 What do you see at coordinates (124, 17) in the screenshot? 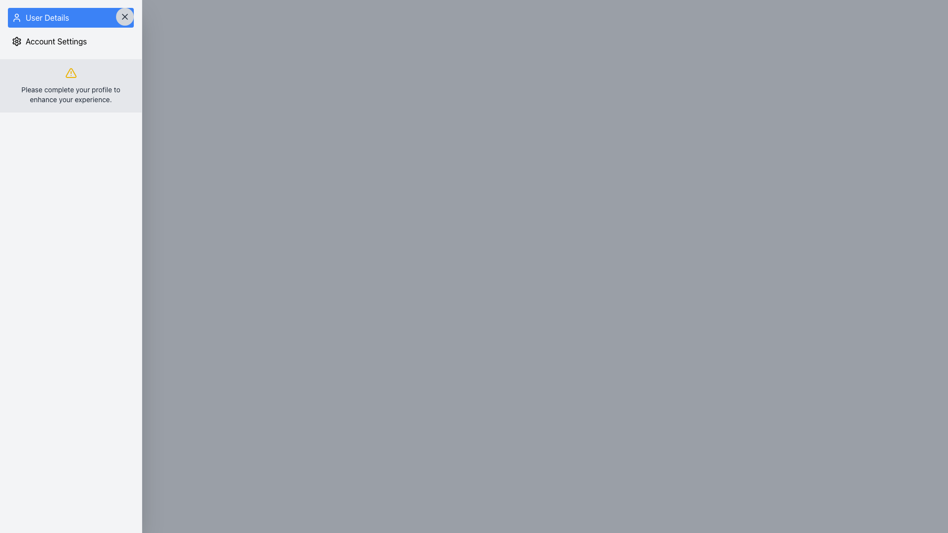
I see `the close button located in the top-right corner of the 'User Details' section` at bounding box center [124, 17].